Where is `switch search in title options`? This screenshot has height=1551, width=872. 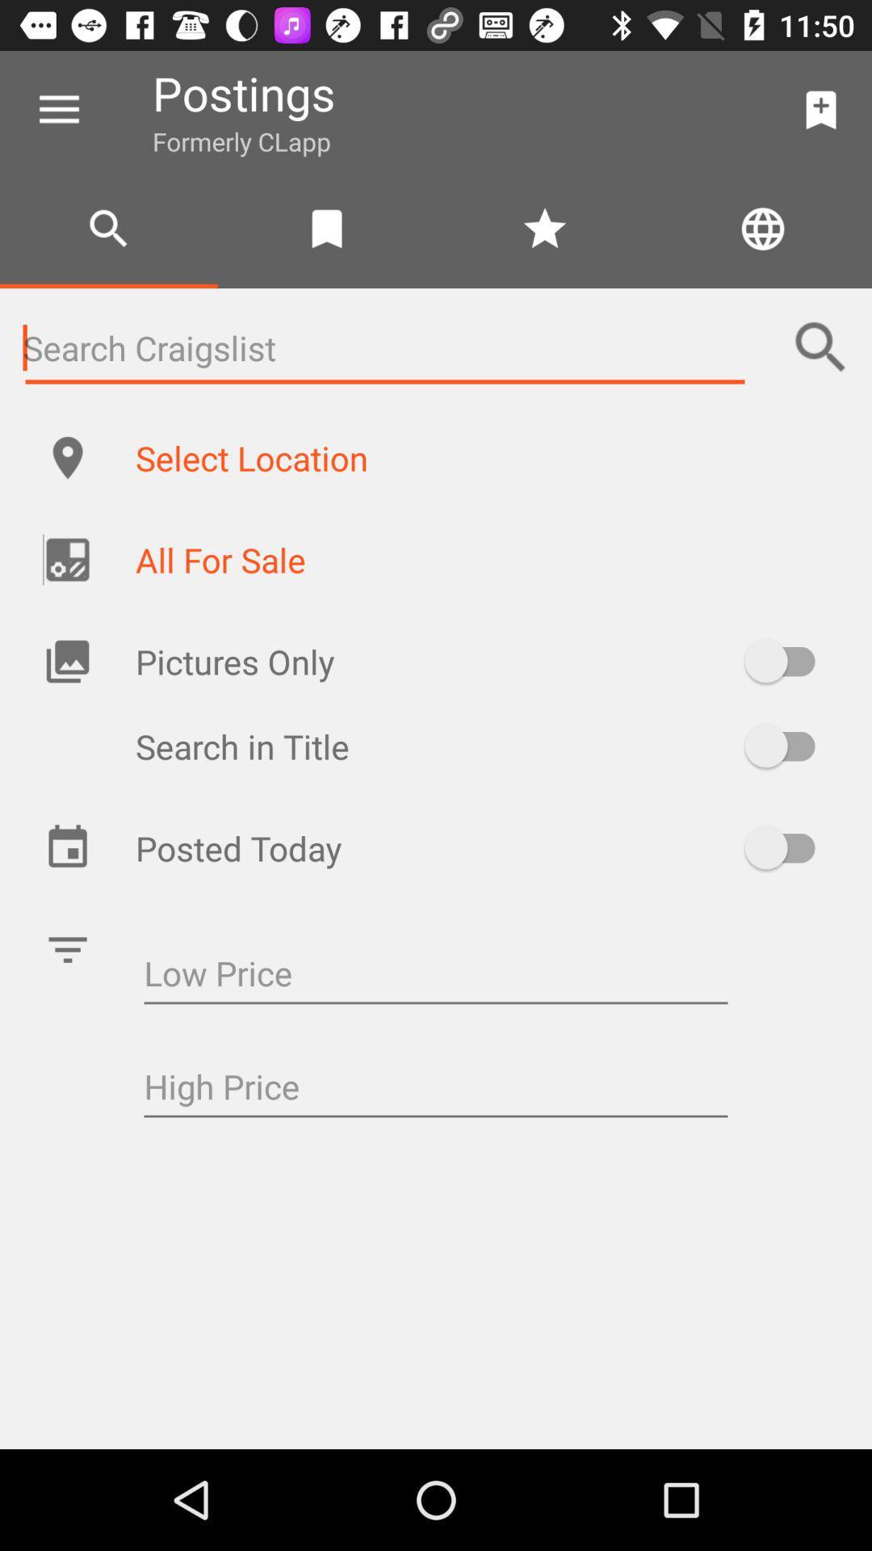
switch search in title options is located at coordinates (786, 745).